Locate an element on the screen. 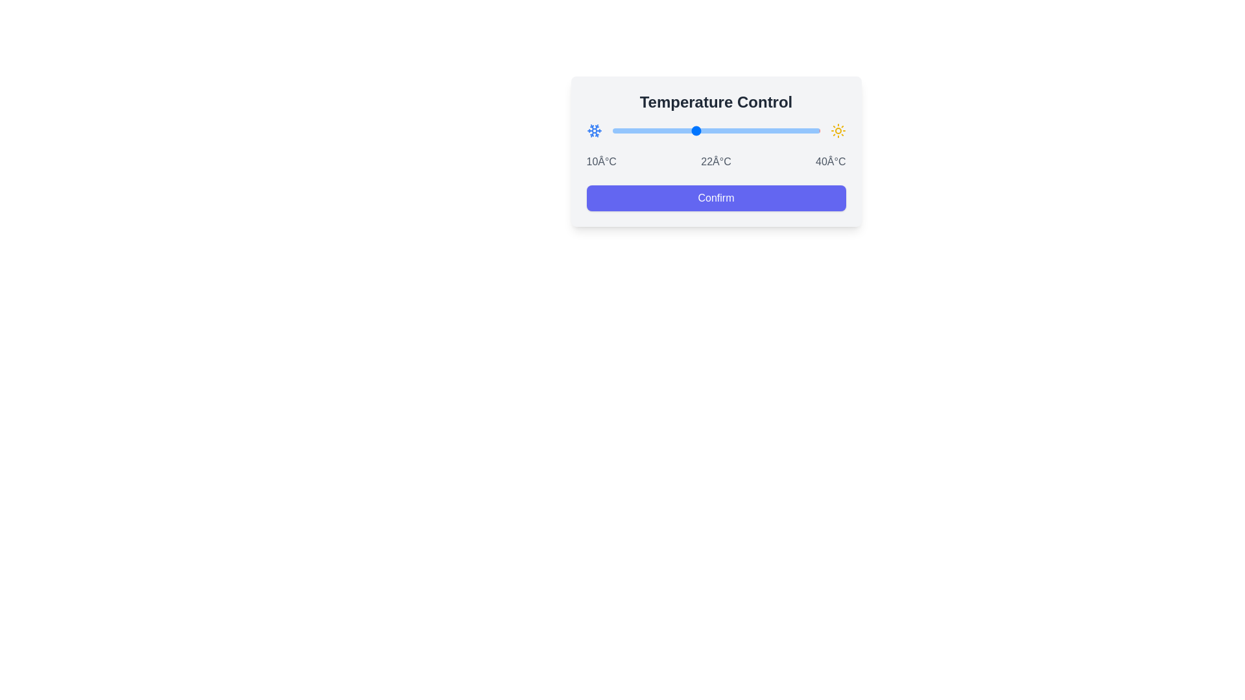 The width and height of the screenshot is (1245, 700). the slider to set the temperature to 13°C is located at coordinates (633, 130).